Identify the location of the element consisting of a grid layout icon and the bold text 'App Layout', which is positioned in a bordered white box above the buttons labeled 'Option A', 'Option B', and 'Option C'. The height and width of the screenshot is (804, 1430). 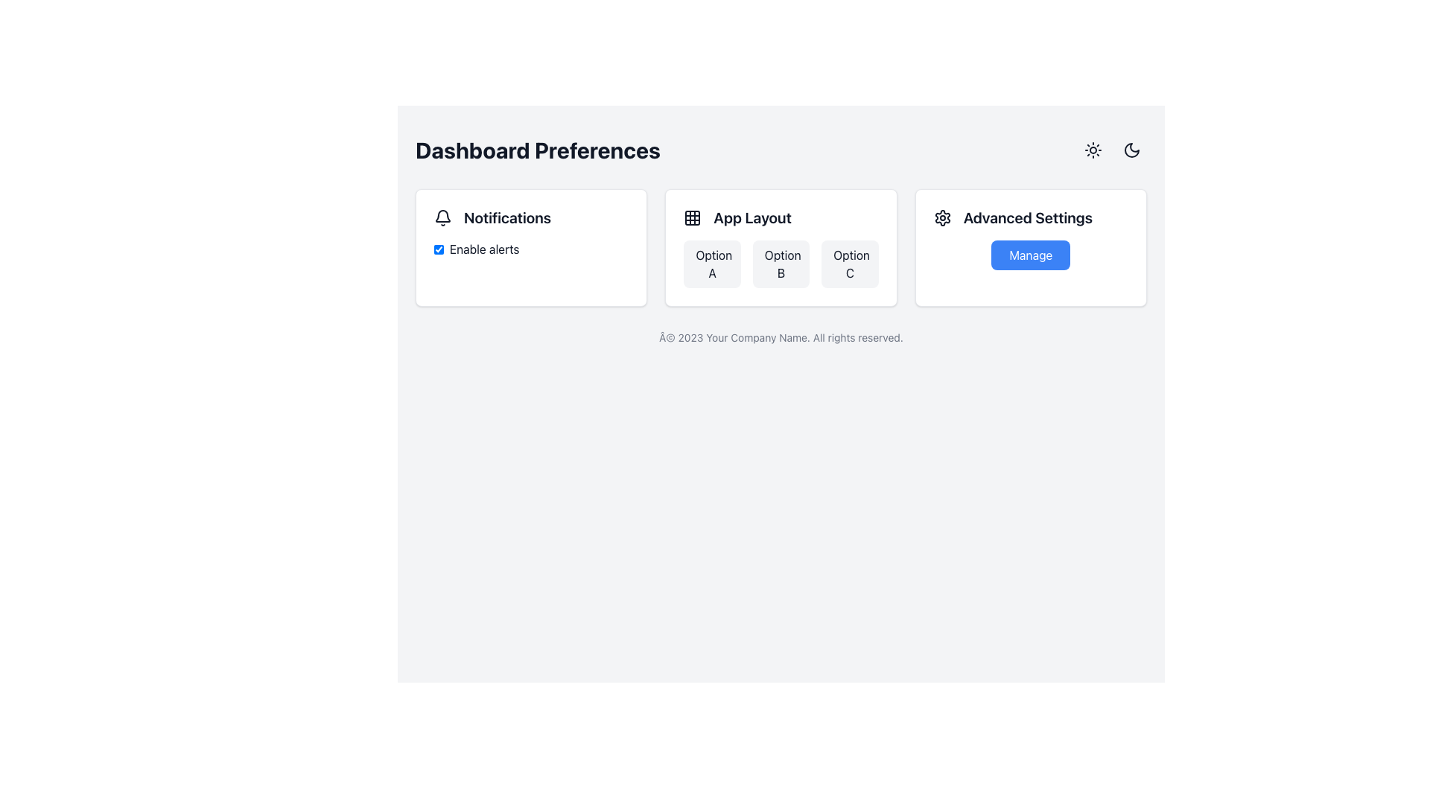
(780, 218).